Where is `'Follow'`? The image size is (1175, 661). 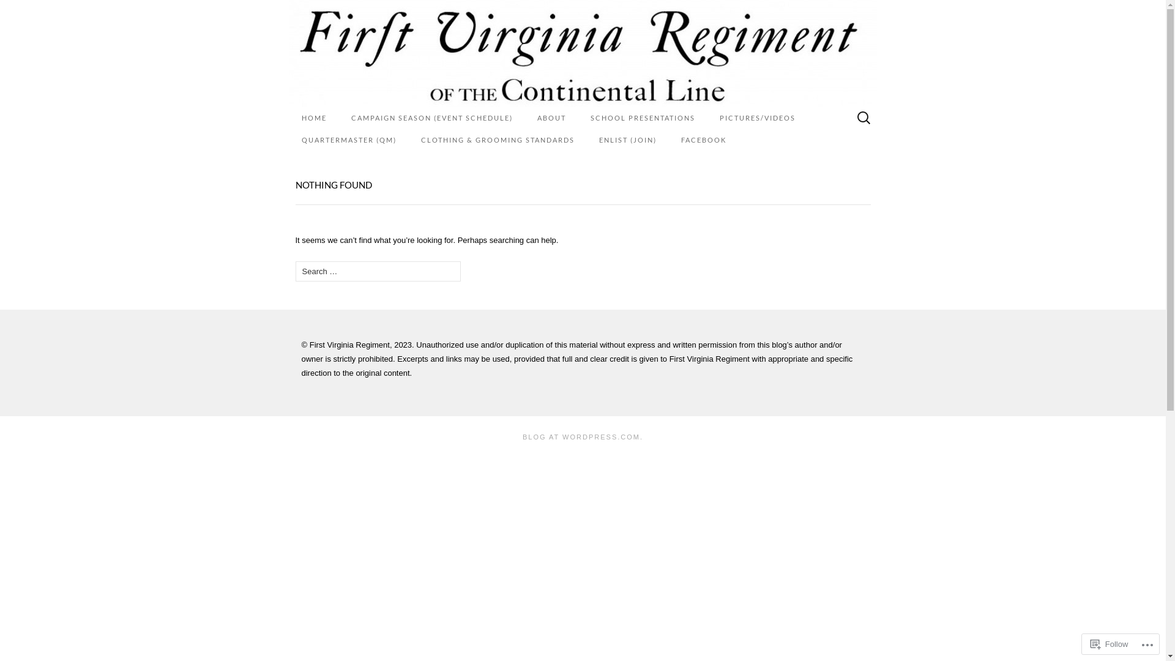
'Follow' is located at coordinates (1110, 643).